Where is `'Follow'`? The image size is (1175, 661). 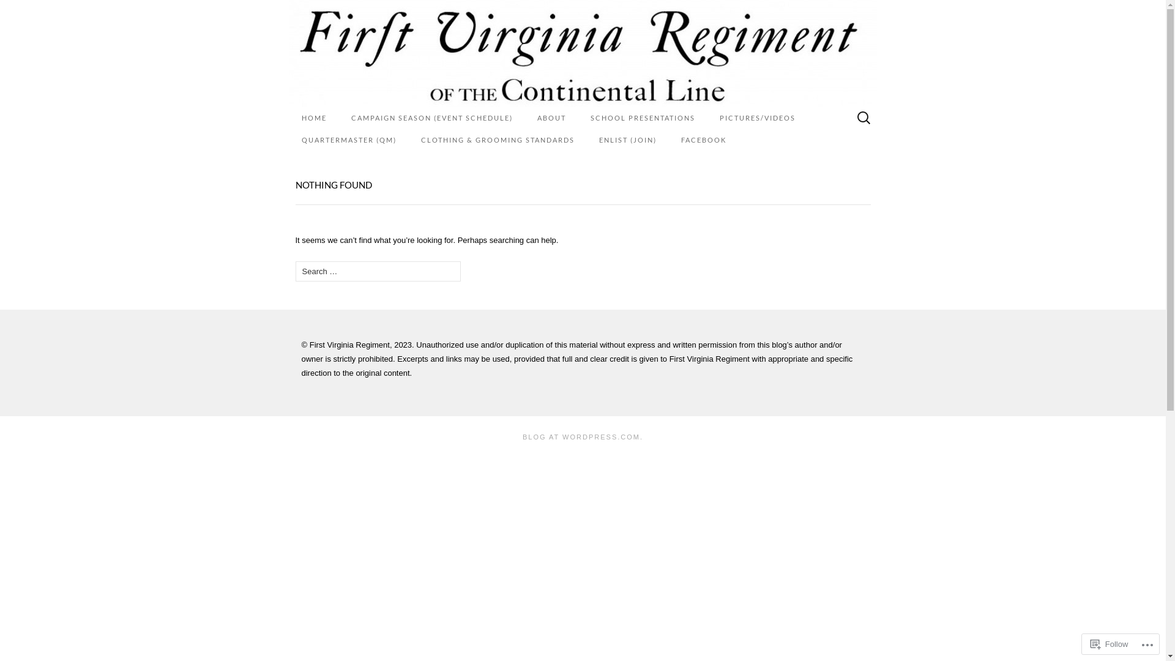
'Follow' is located at coordinates (1110, 643).